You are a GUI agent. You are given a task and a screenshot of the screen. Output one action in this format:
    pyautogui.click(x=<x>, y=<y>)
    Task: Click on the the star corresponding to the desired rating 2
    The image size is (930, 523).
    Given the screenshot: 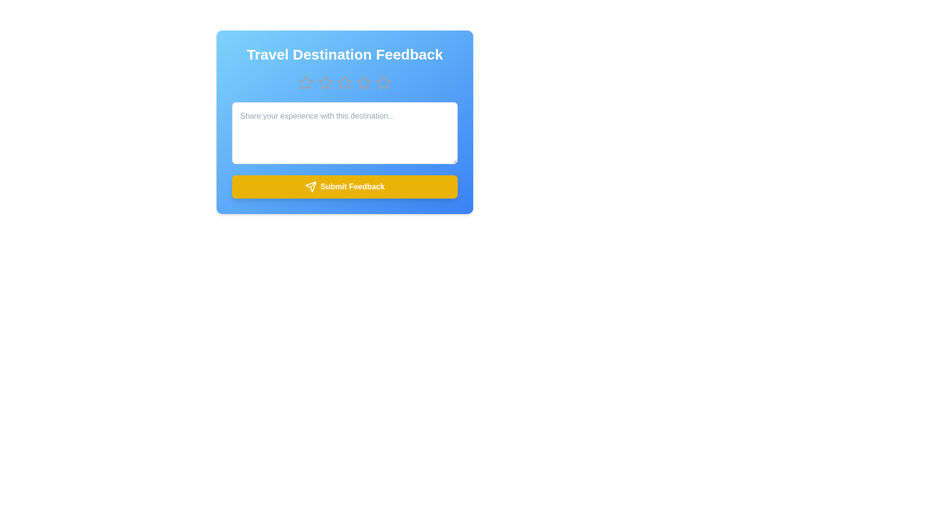 What is the action you would take?
    pyautogui.click(x=325, y=82)
    